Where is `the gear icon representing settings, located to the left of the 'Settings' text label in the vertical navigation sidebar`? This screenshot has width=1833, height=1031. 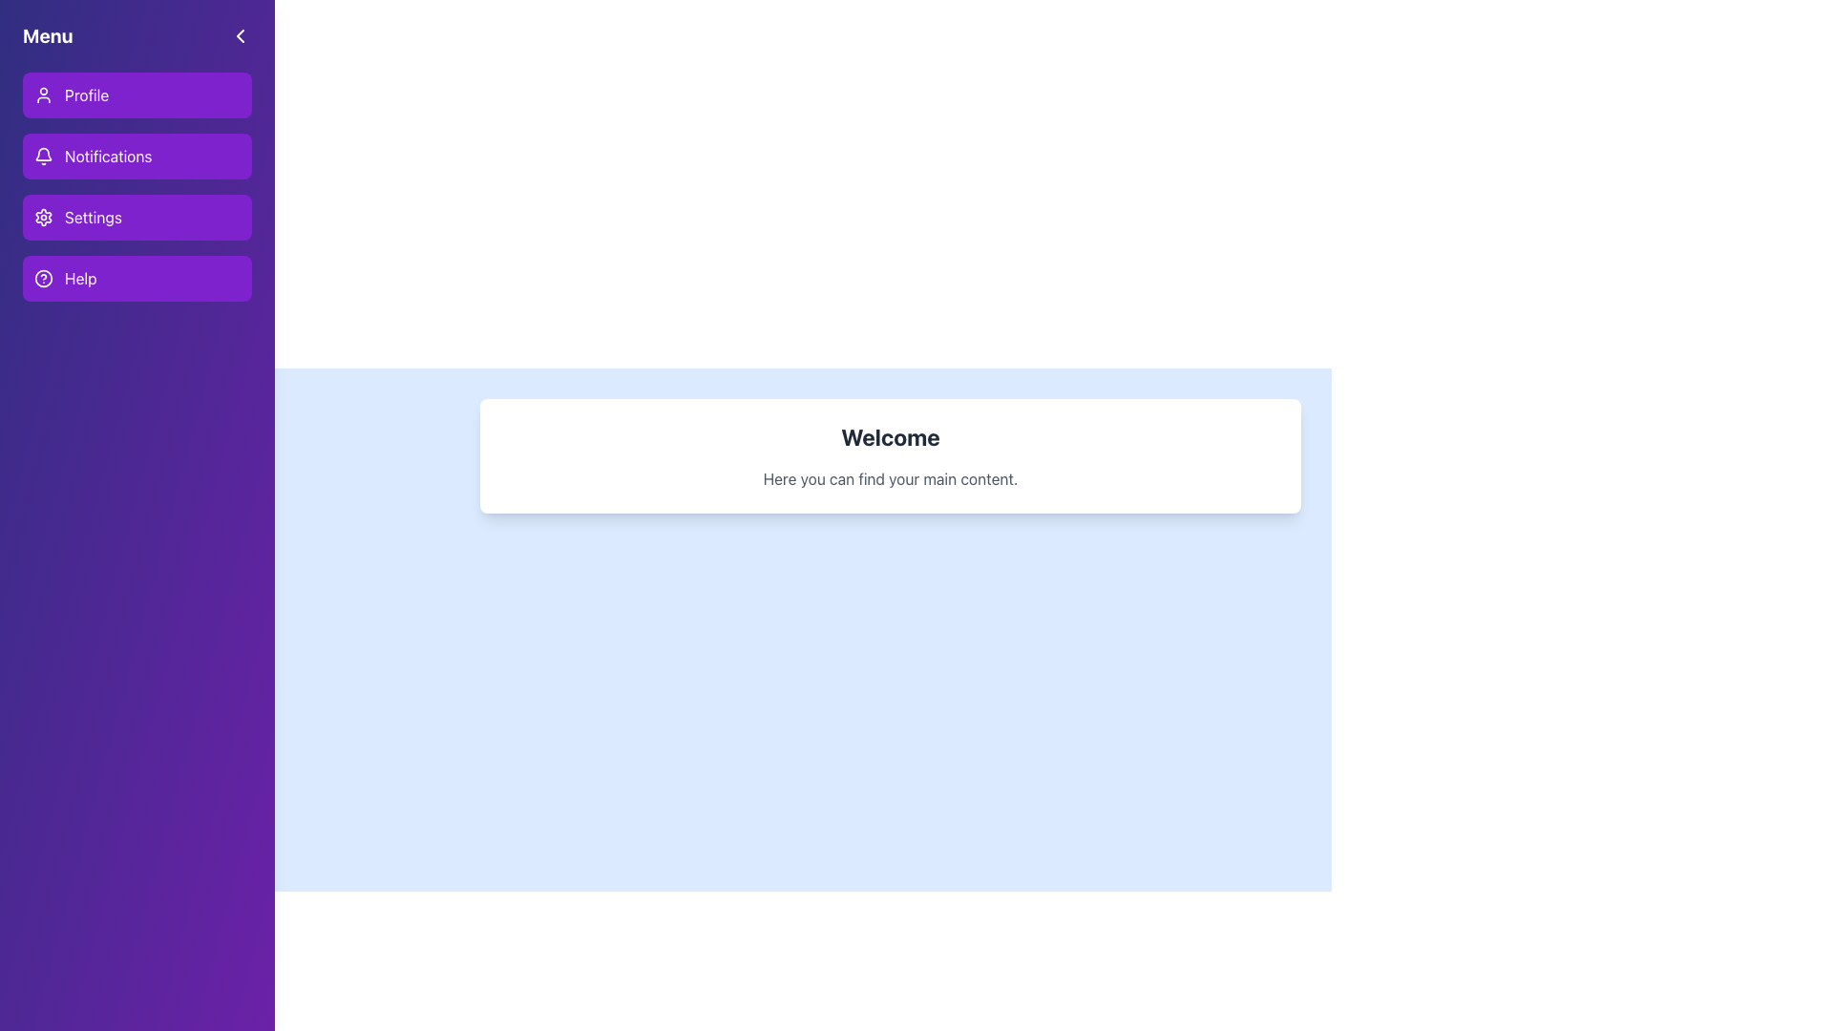
the gear icon representing settings, located to the left of the 'Settings' text label in the vertical navigation sidebar is located at coordinates (44, 216).